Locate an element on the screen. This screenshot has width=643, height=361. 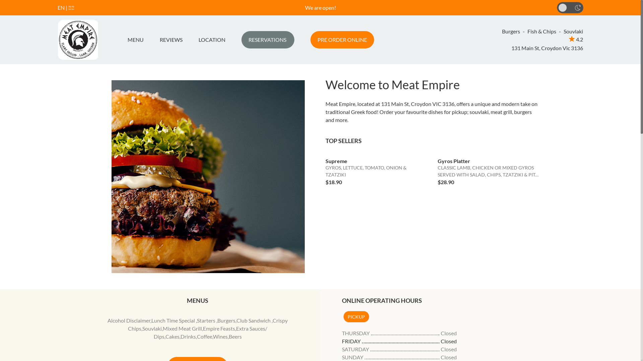
'Extra Sauces/ Dips' is located at coordinates (210, 332).